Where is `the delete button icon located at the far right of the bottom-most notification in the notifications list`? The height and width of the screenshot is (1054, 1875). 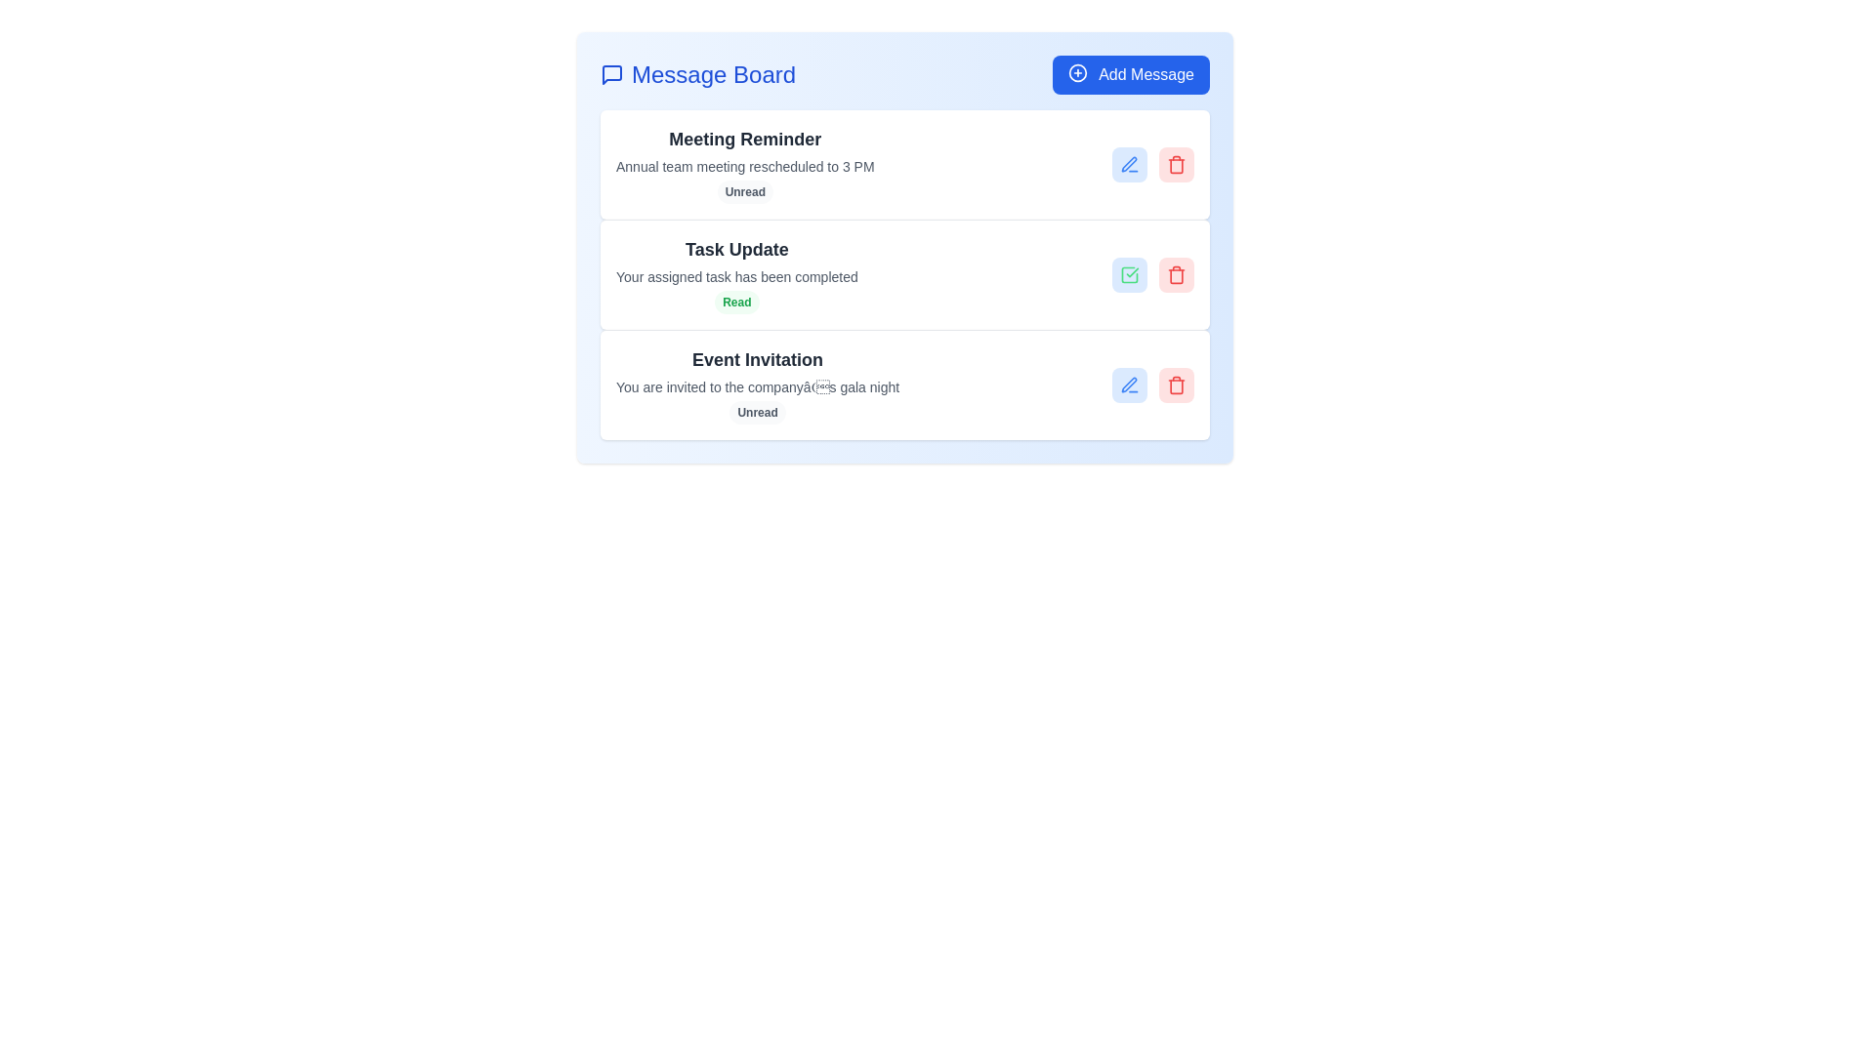 the delete button icon located at the far right of the bottom-most notification in the notifications list is located at coordinates (1175, 386).